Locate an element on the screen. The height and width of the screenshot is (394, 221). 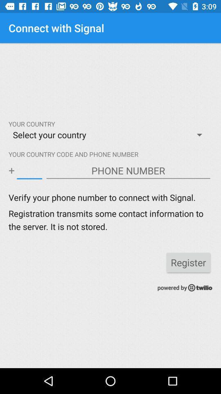
area code is located at coordinates (29, 170).